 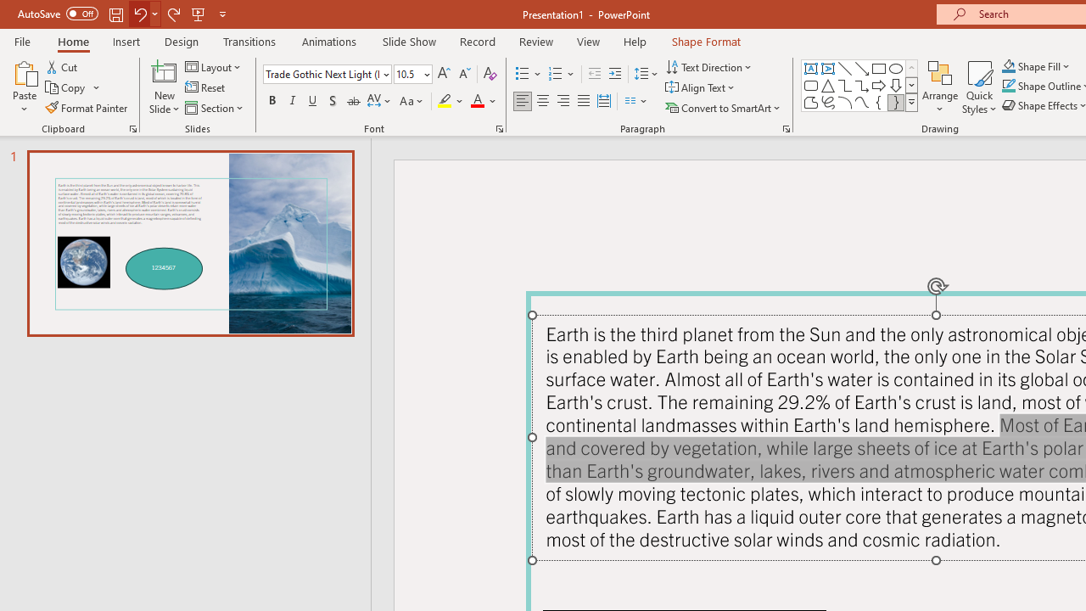 I want to click on 'Arrange', so click(x=939, y=87).